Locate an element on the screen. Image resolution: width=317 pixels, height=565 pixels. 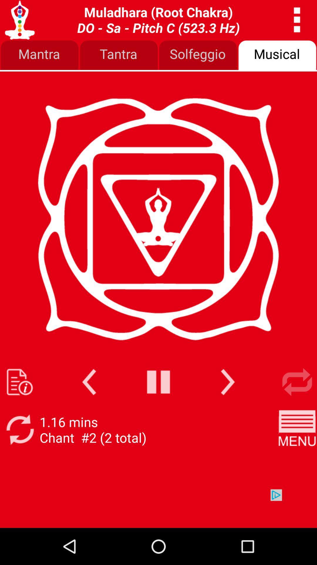
image is located at coordinates (297, 430).